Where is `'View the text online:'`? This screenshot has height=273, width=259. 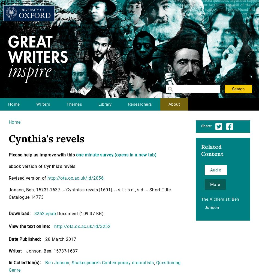 'View the text online:' is located at coordinates (29, 226).